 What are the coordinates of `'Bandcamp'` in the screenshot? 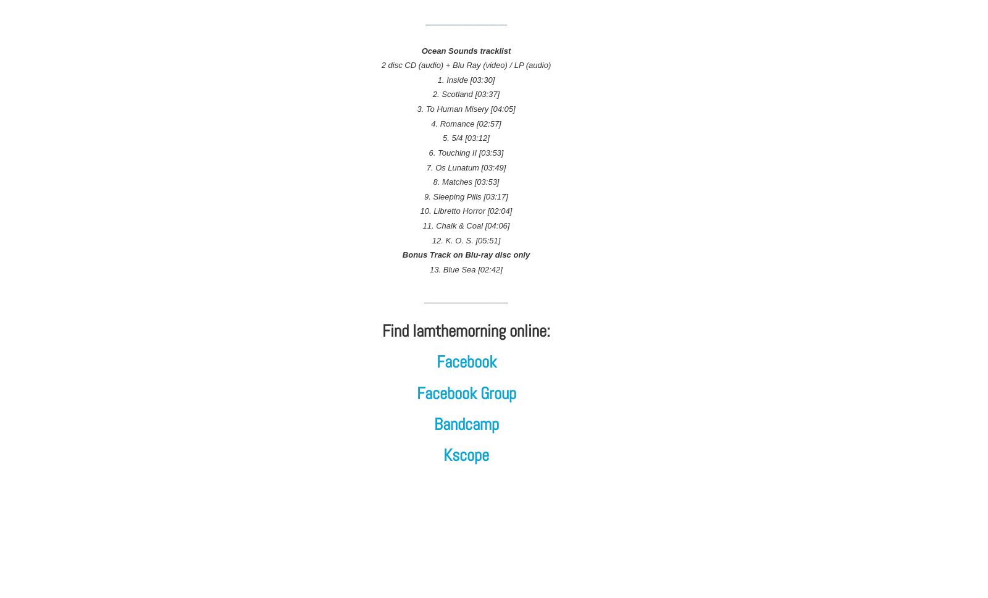 It's located at (466, 424).